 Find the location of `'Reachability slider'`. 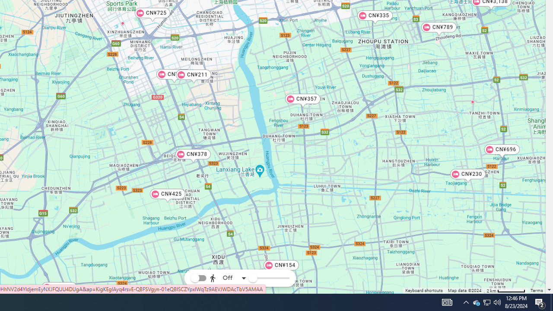

'Reachability slider' is located at coordinates (252, 278).